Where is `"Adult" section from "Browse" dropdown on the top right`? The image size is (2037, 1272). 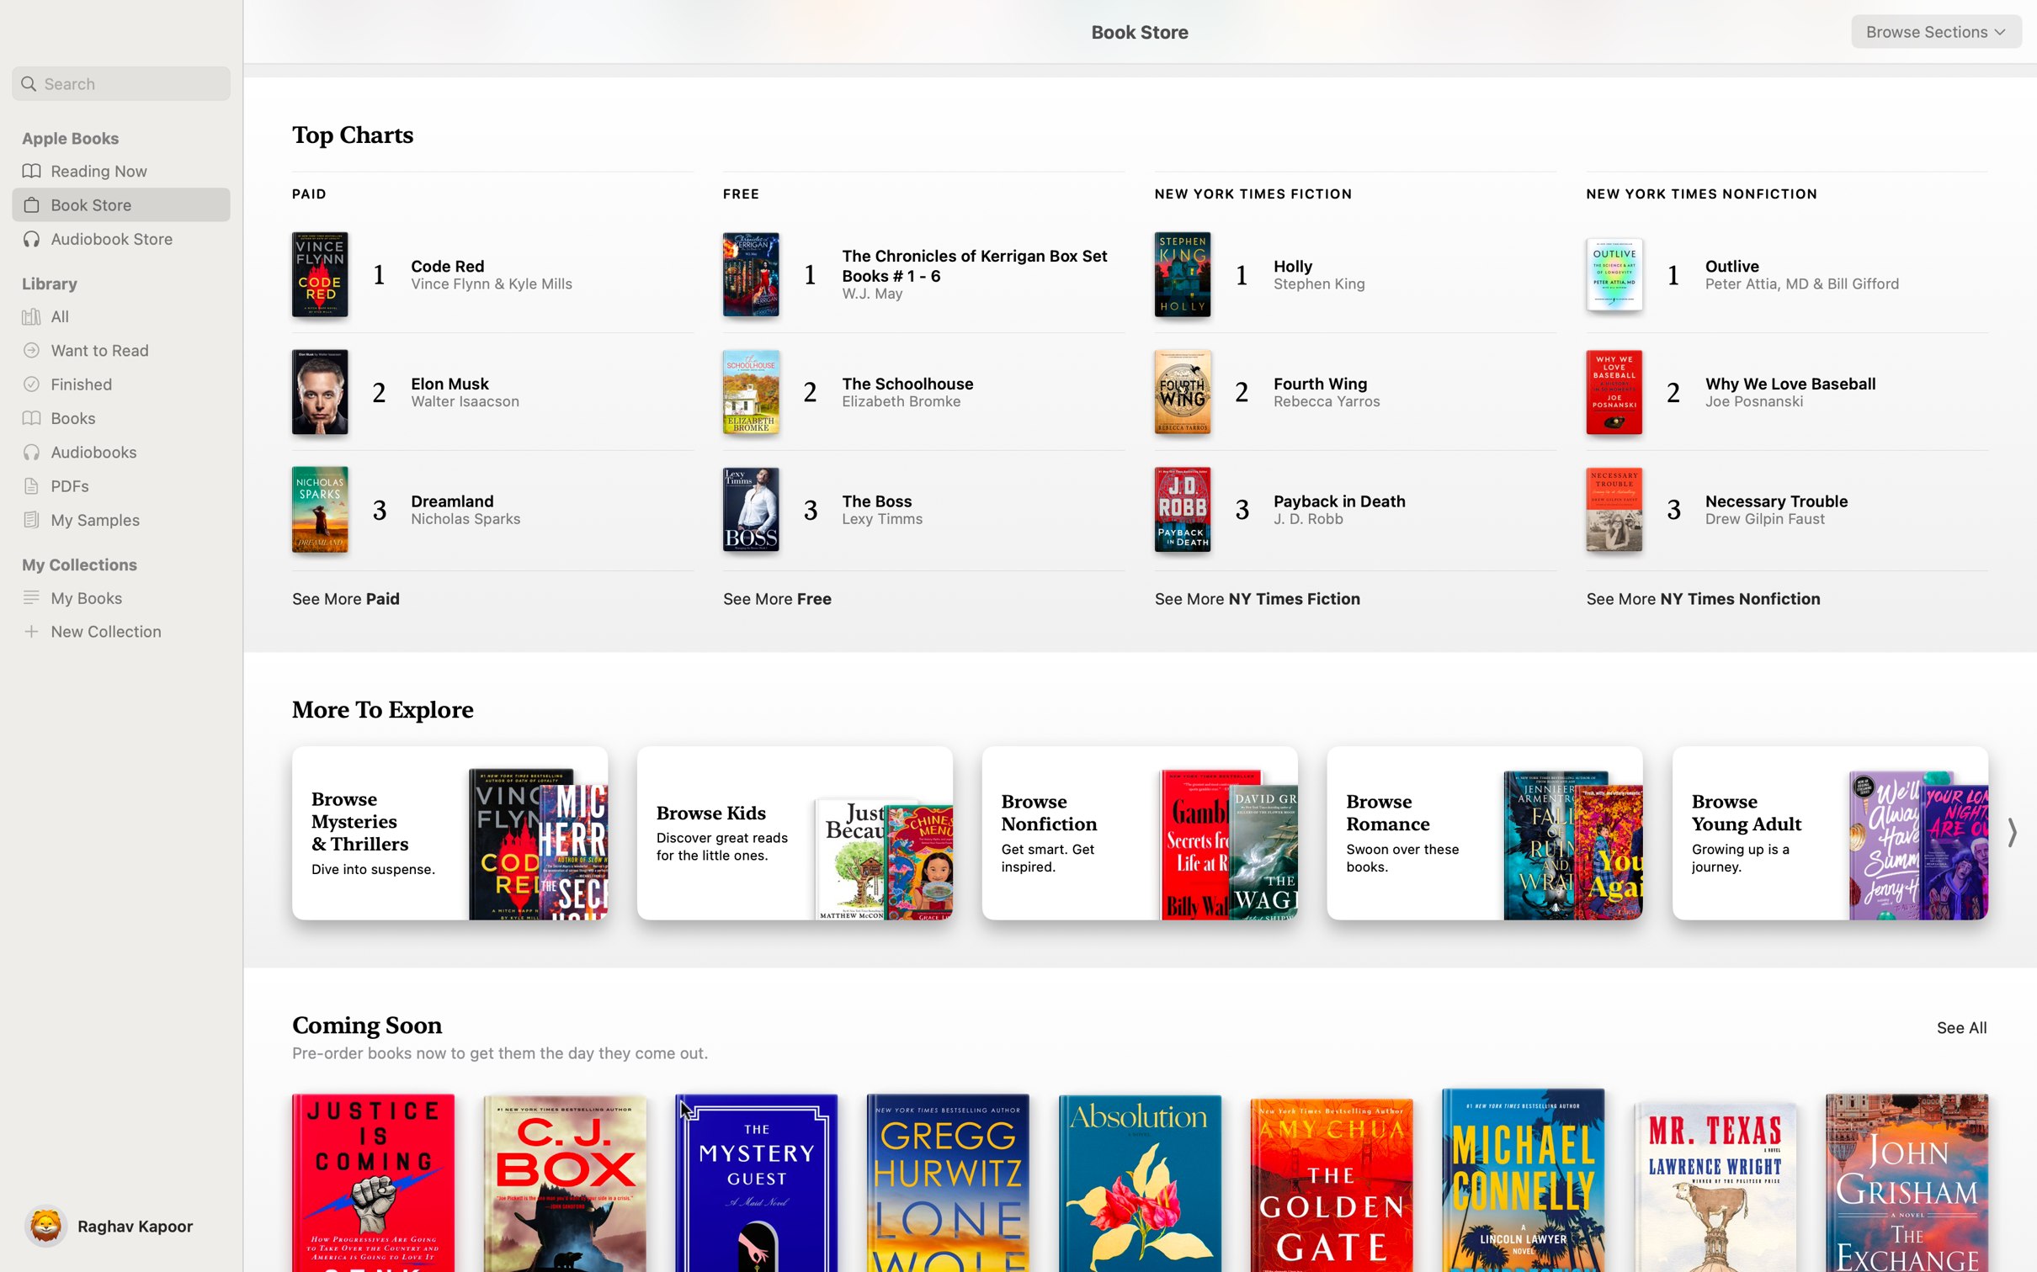 "Adult" section from "Browse" dropdown on the top right is located at coordinates (1936, 31).